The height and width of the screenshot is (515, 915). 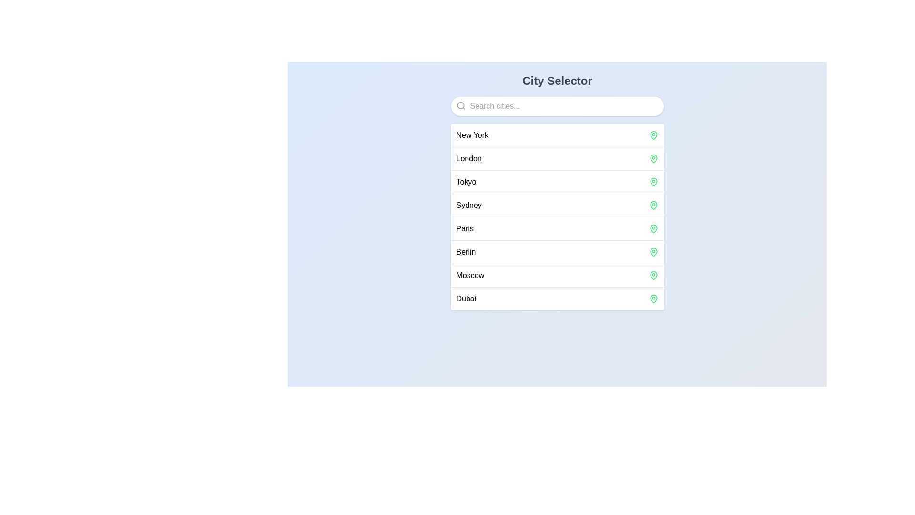 What do you see at coordinates (557, 135) in the screenshot?
I see `the interactive list item for the city 'New York'` at bounding box center [557, 135].